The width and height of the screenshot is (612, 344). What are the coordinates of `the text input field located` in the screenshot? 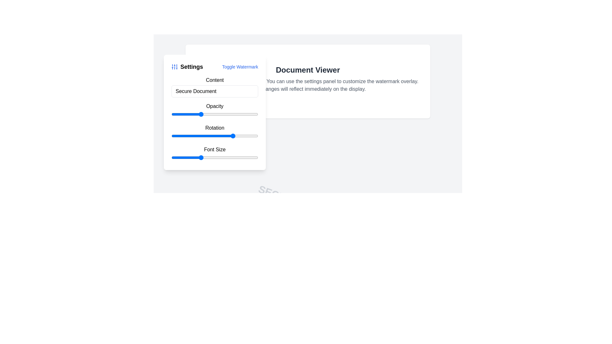 It's located at (215, 91).